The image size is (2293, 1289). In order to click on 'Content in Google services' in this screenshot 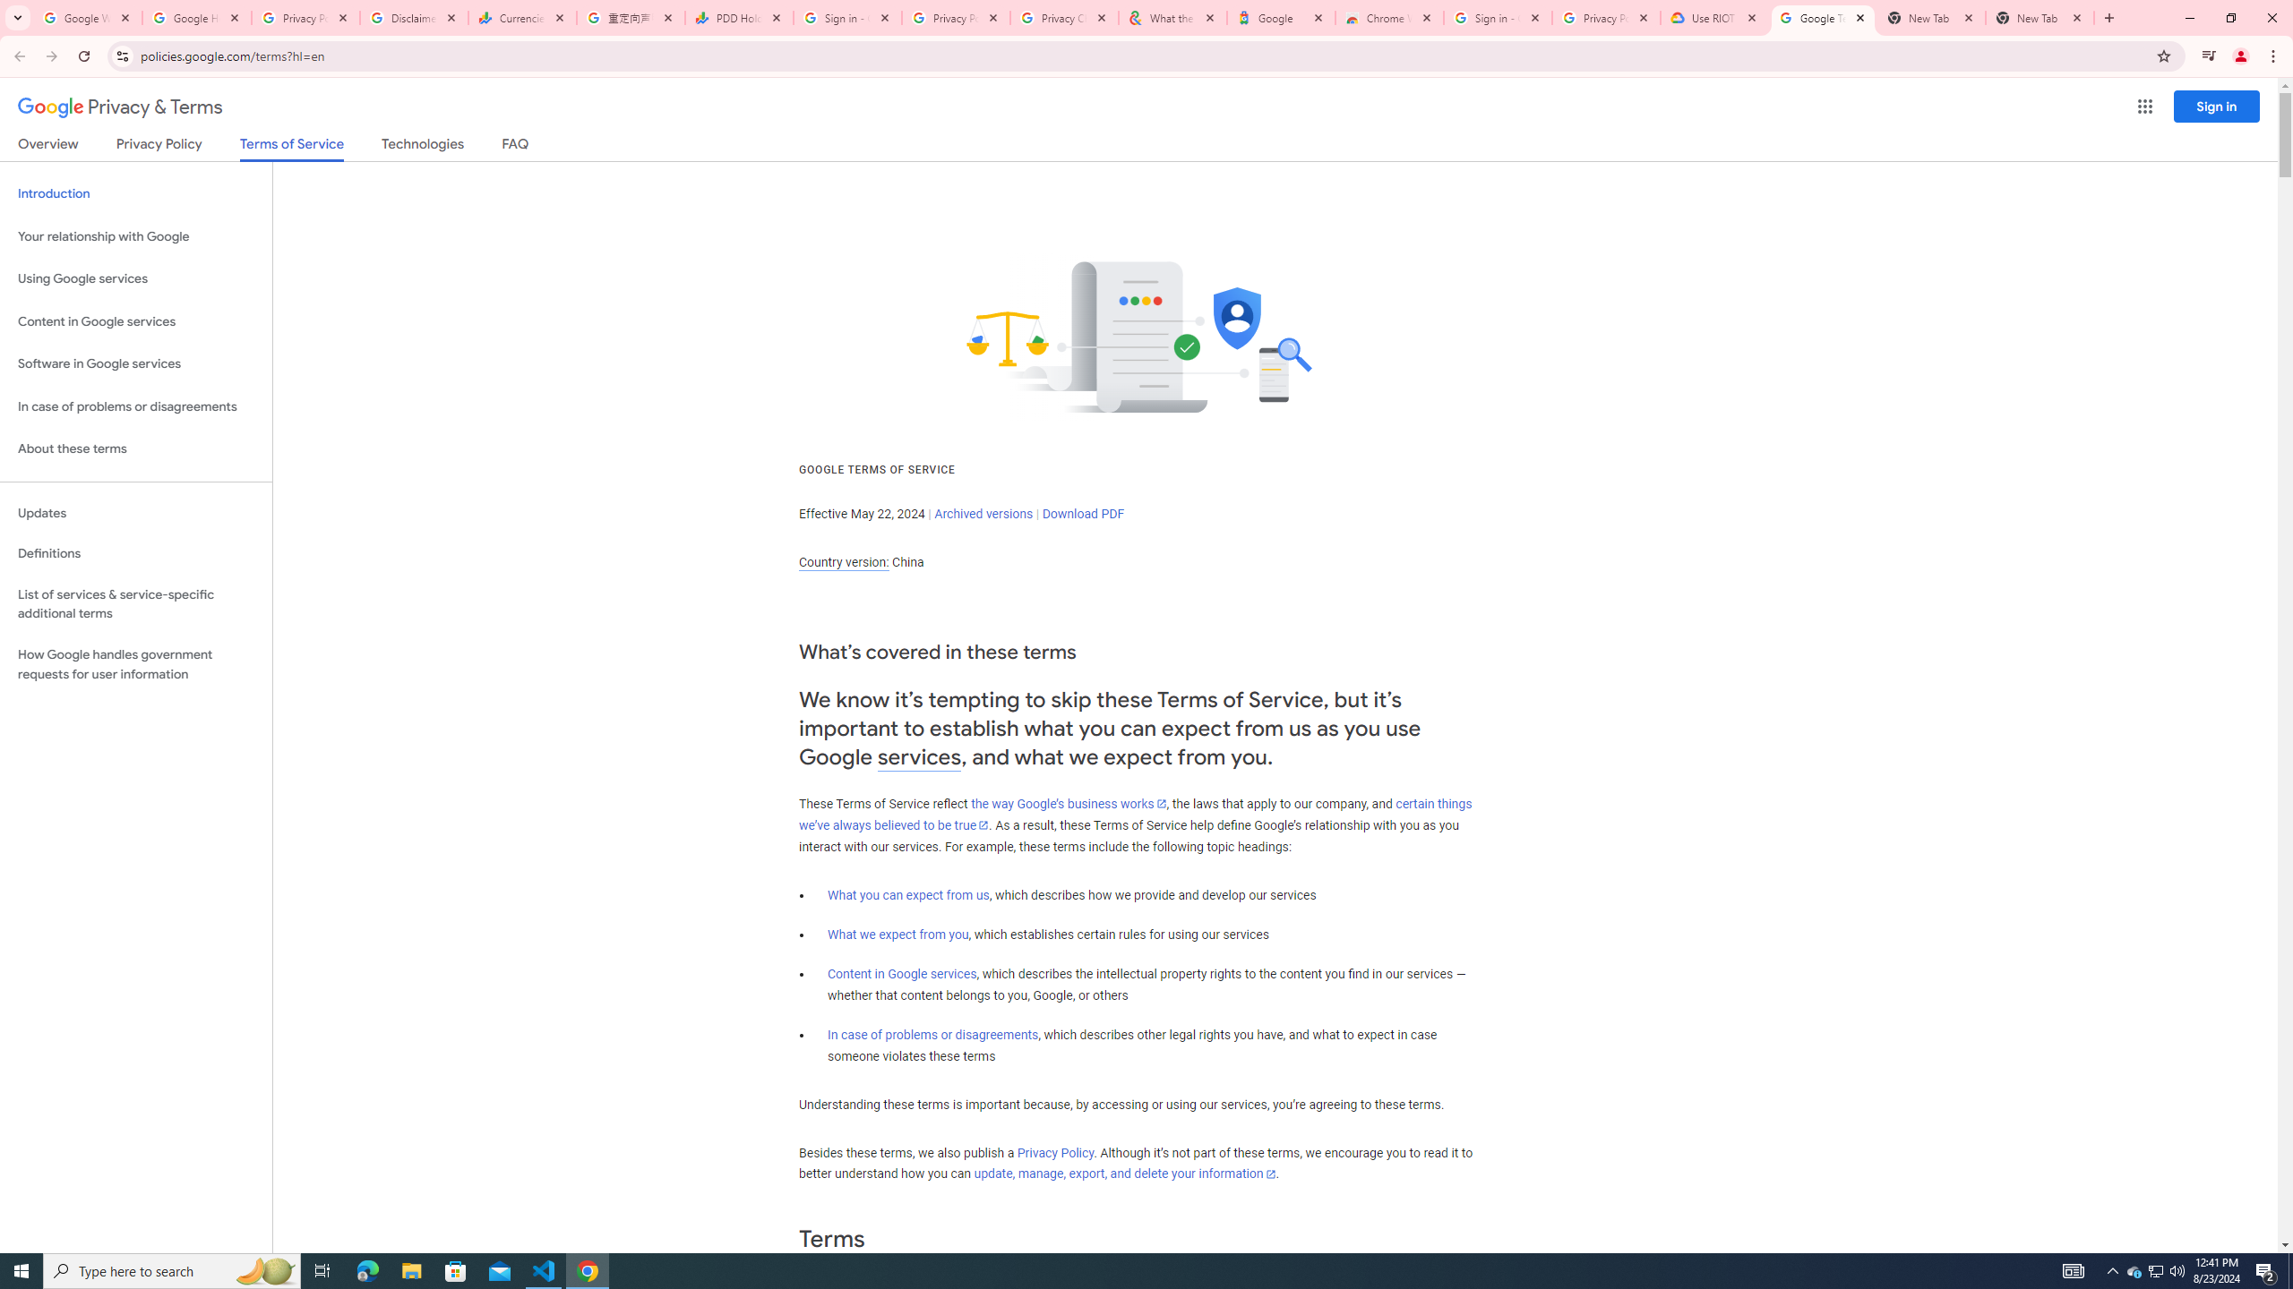, I will do `click(901, 973)`.